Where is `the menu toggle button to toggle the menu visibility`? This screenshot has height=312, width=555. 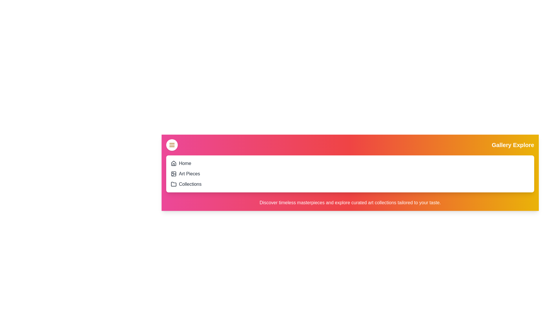
the menu toggle button to toggle the menu visibility is located at coordinates (172, 144).